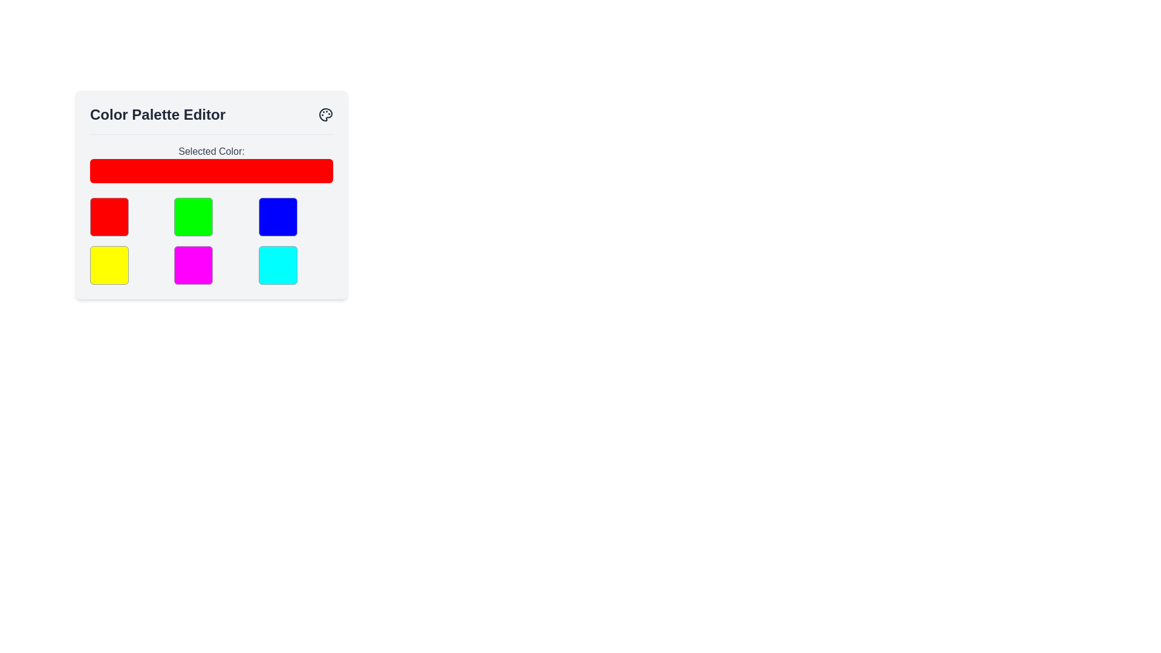 This screenshot has height=653, width=1161. I want to click on the selectable square with a cyan background, rounded corners, and a gray border located in the bottom-right corner of a 3x2 grid, so click(277, 265).